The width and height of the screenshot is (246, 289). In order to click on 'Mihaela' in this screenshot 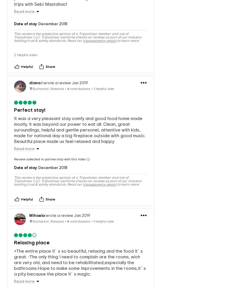, I will do `click(37, 210)`.